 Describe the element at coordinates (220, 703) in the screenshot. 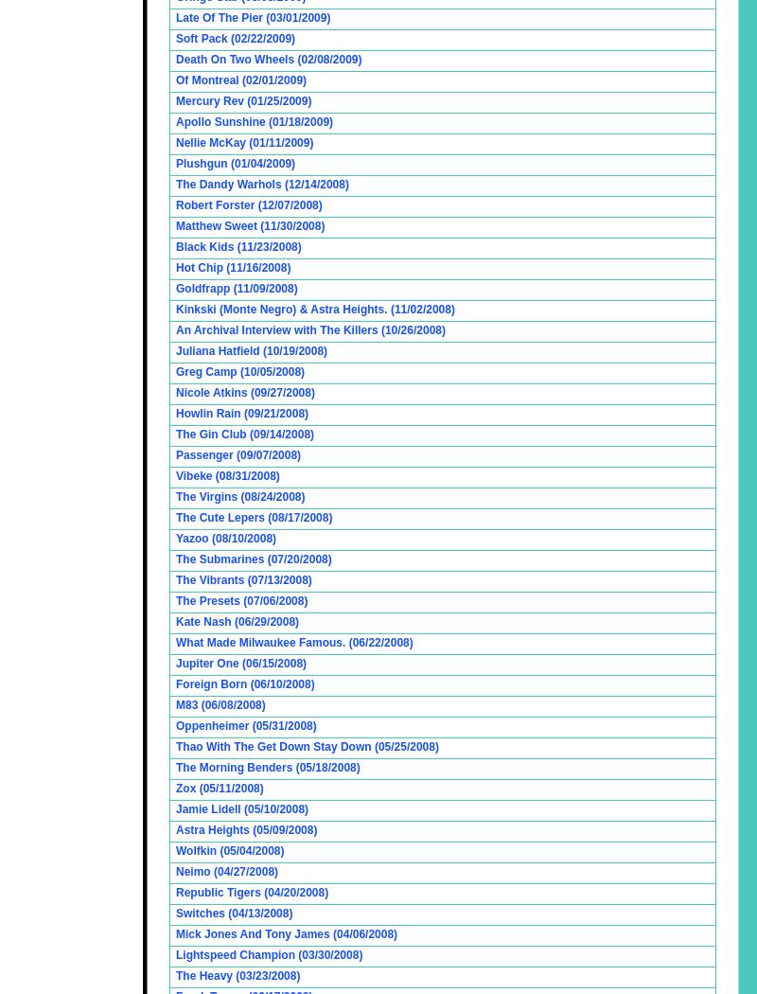

I see `'M83 (06/08/2008)'` at that location.